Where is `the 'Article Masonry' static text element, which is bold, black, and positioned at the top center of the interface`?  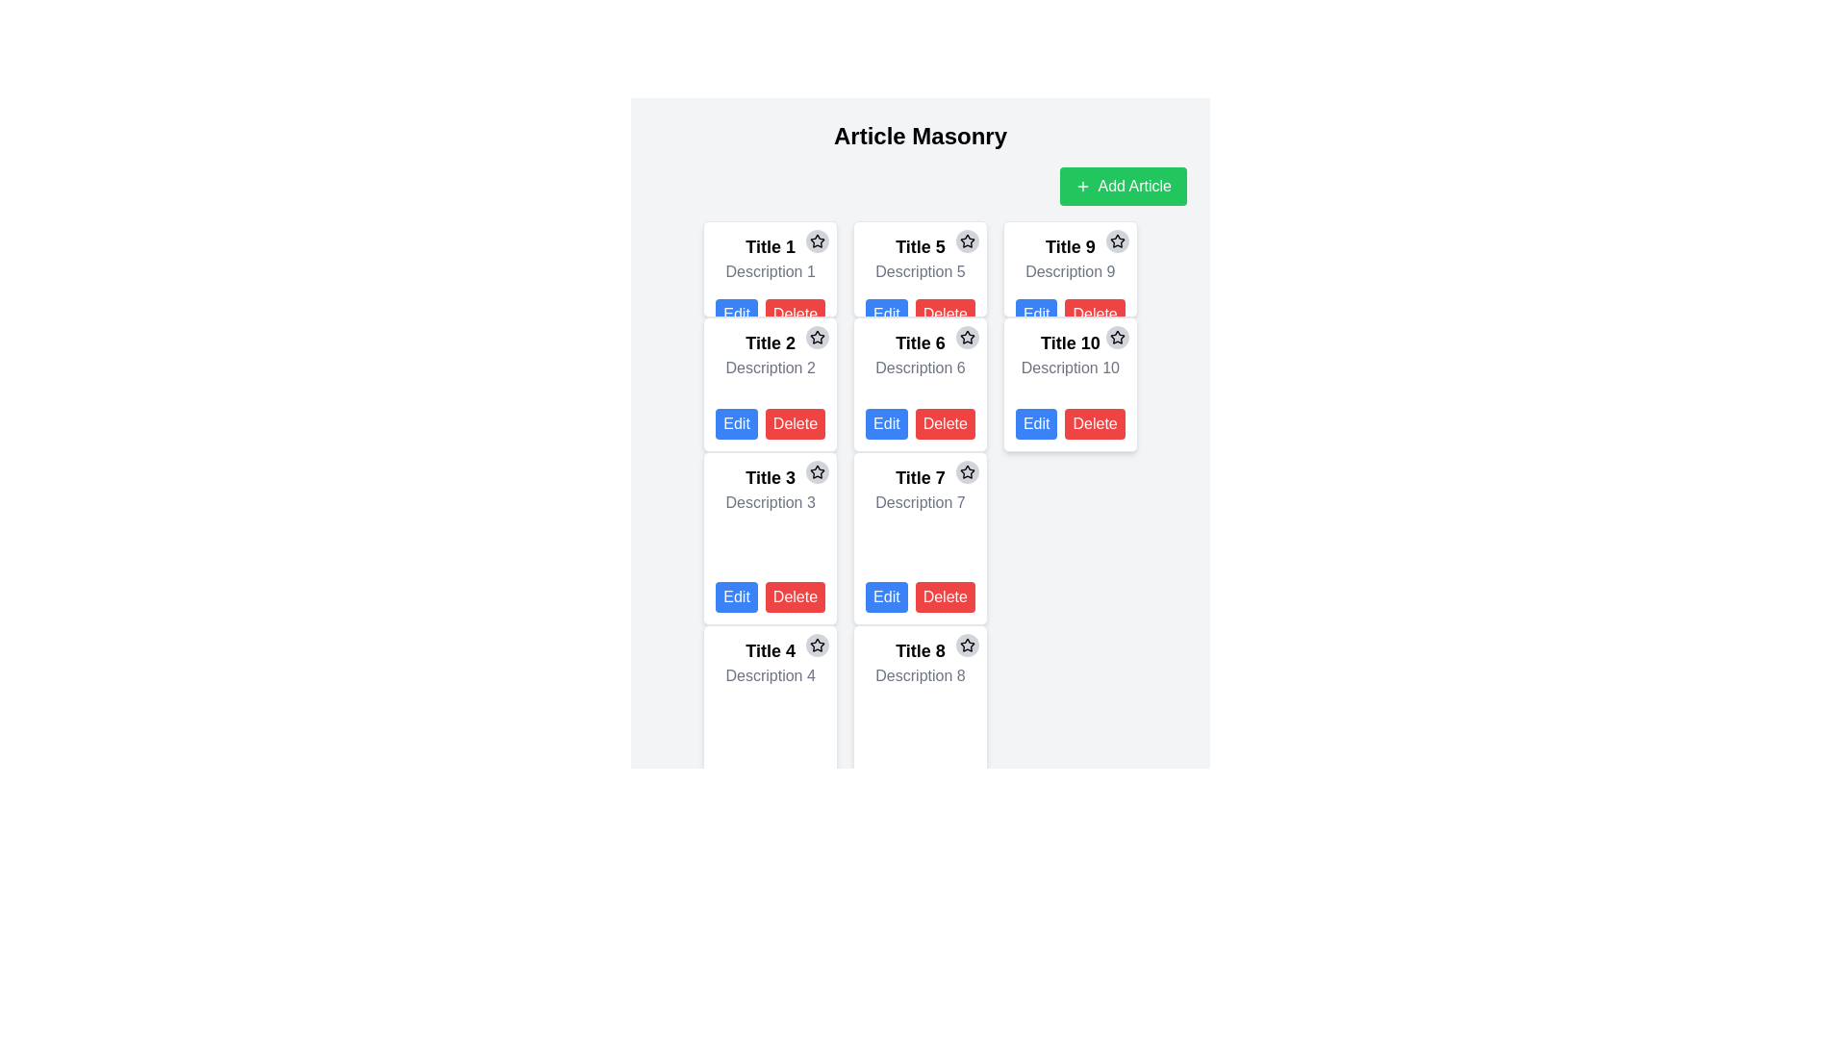 the 'Article Masonry' static text element, which is bold, black, and positioned at the top center of the interface is located at coordinates (919, 136).